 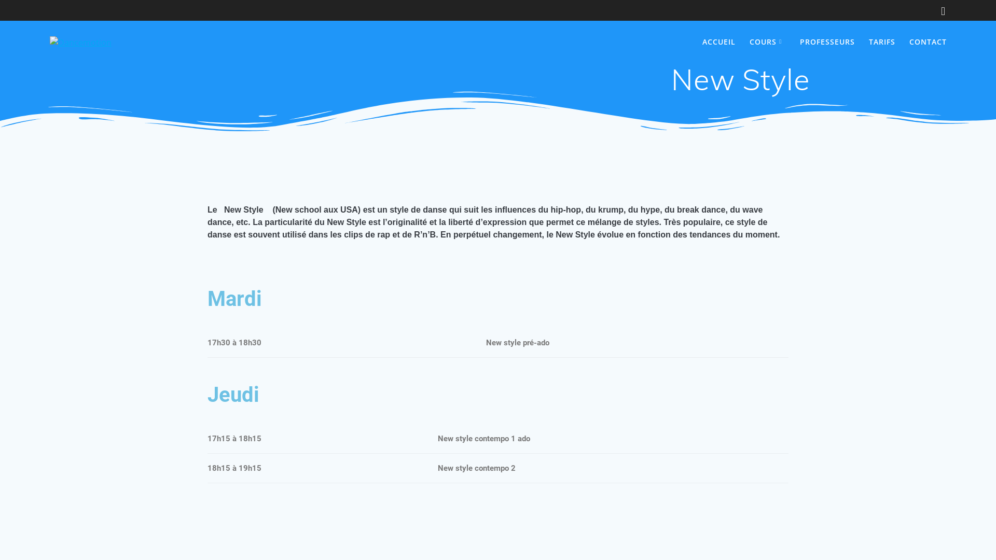 I want to click on 'CONTACT', so click(x=928, y=41).